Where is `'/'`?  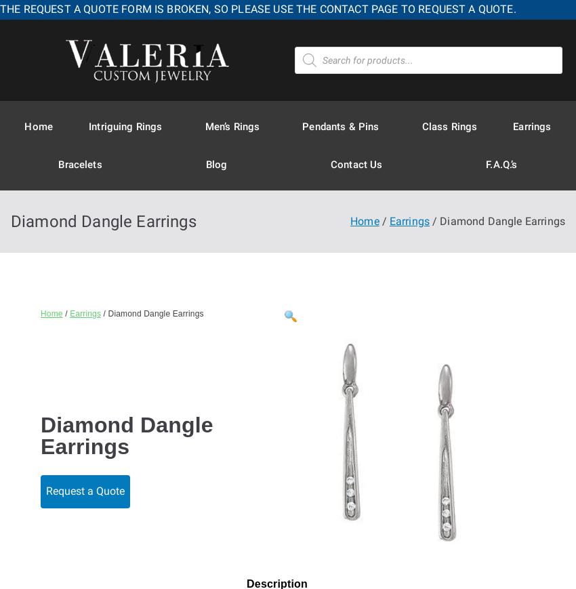
'/' is located at coordinates (65, 312).